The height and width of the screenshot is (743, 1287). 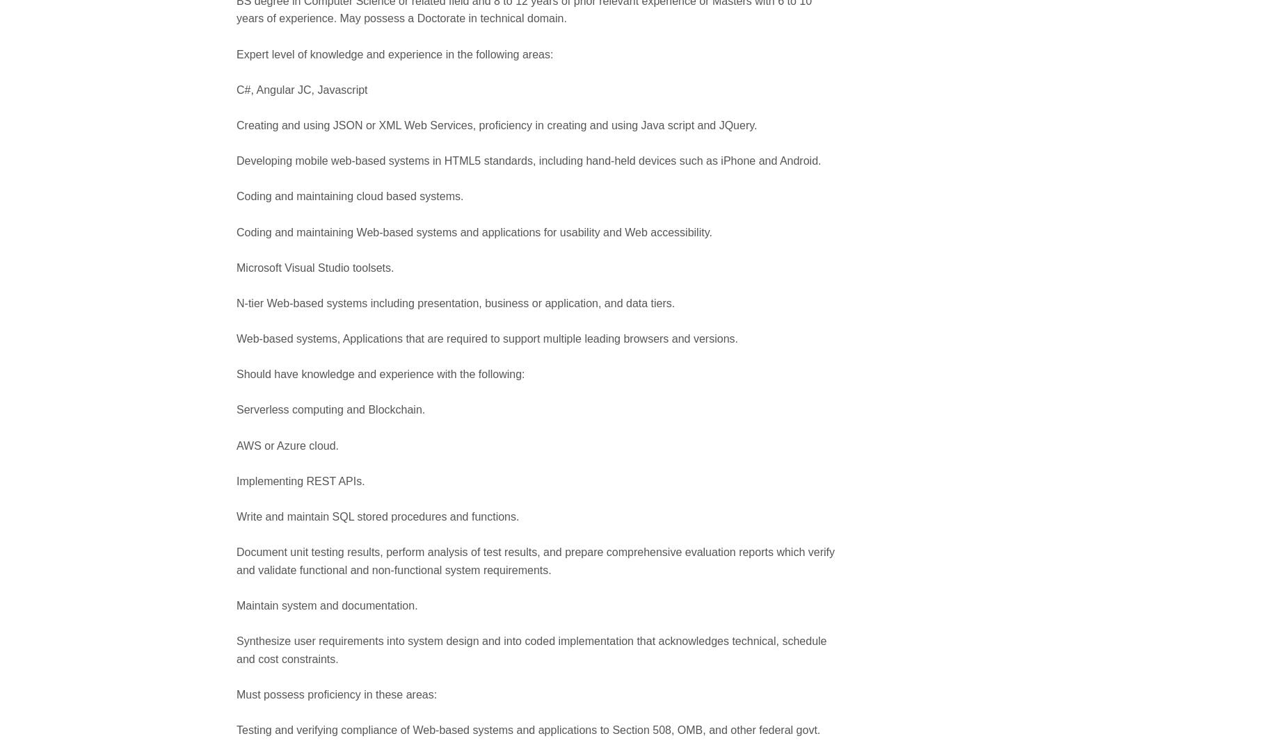 I want to click on 'Implementing REST APIs.', so click(x=299, y=480).